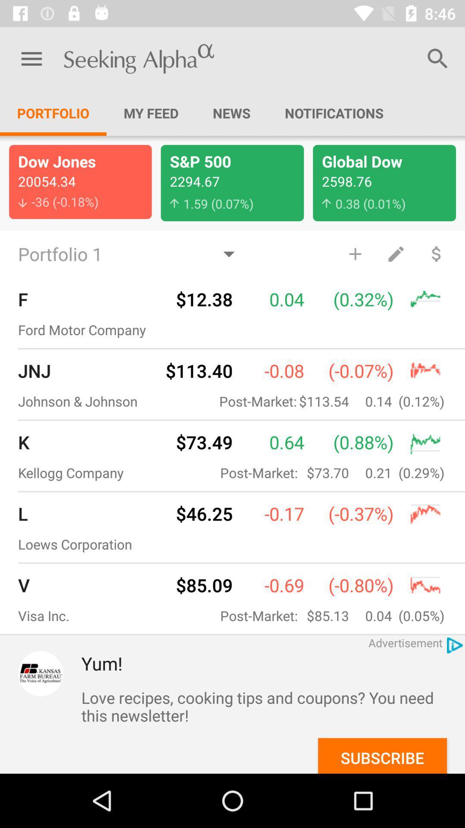  Describe the element at coordinates (40, 673) in the screenshot. I see `the icon below visa inc.` at that location.